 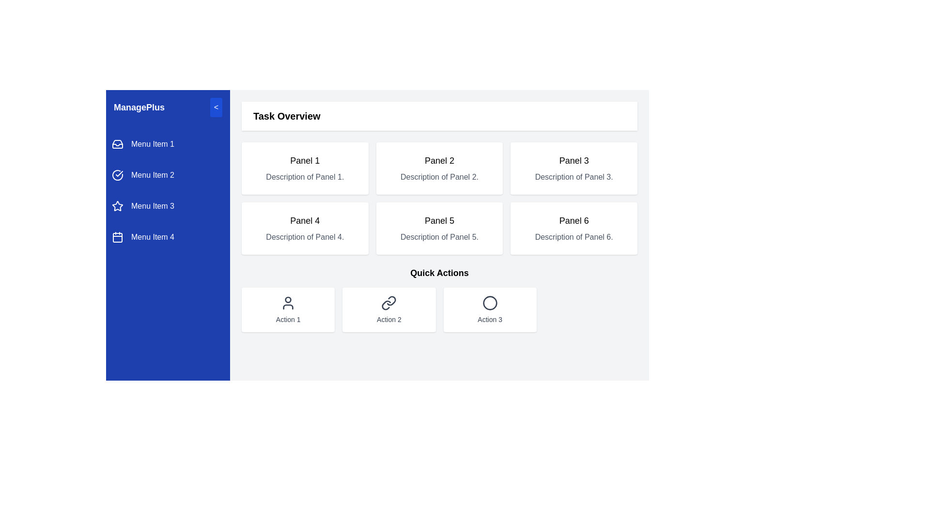 I want to click on the central circular part of the 'Action 3' button in the 'Quick Actions' section of the layout by navigating, so click(x=490, y=302).